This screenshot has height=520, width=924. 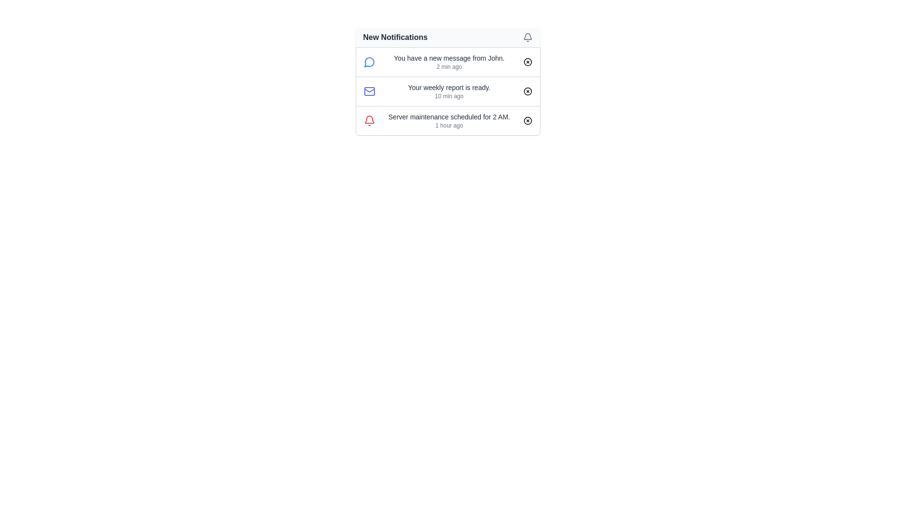 I want to click on the SVG circle element which is a circular geometric shape with a thin outline located within the close button of the third notification message about 'Server maintenance scheduled for 2 AM', so click(x=527, y=120).